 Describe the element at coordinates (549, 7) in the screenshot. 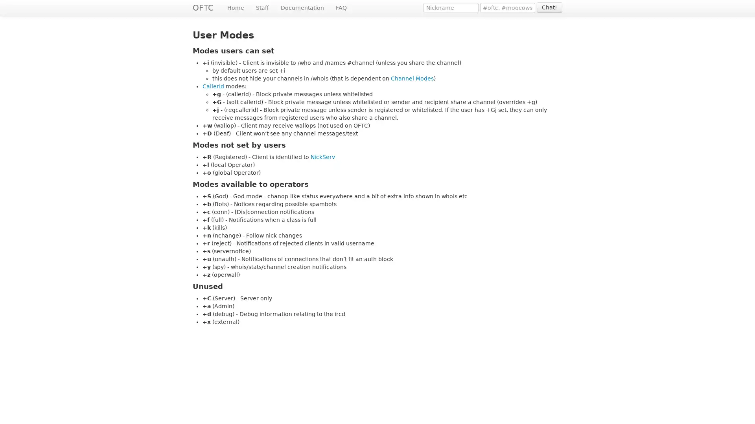

I see `Chat!` at that location.